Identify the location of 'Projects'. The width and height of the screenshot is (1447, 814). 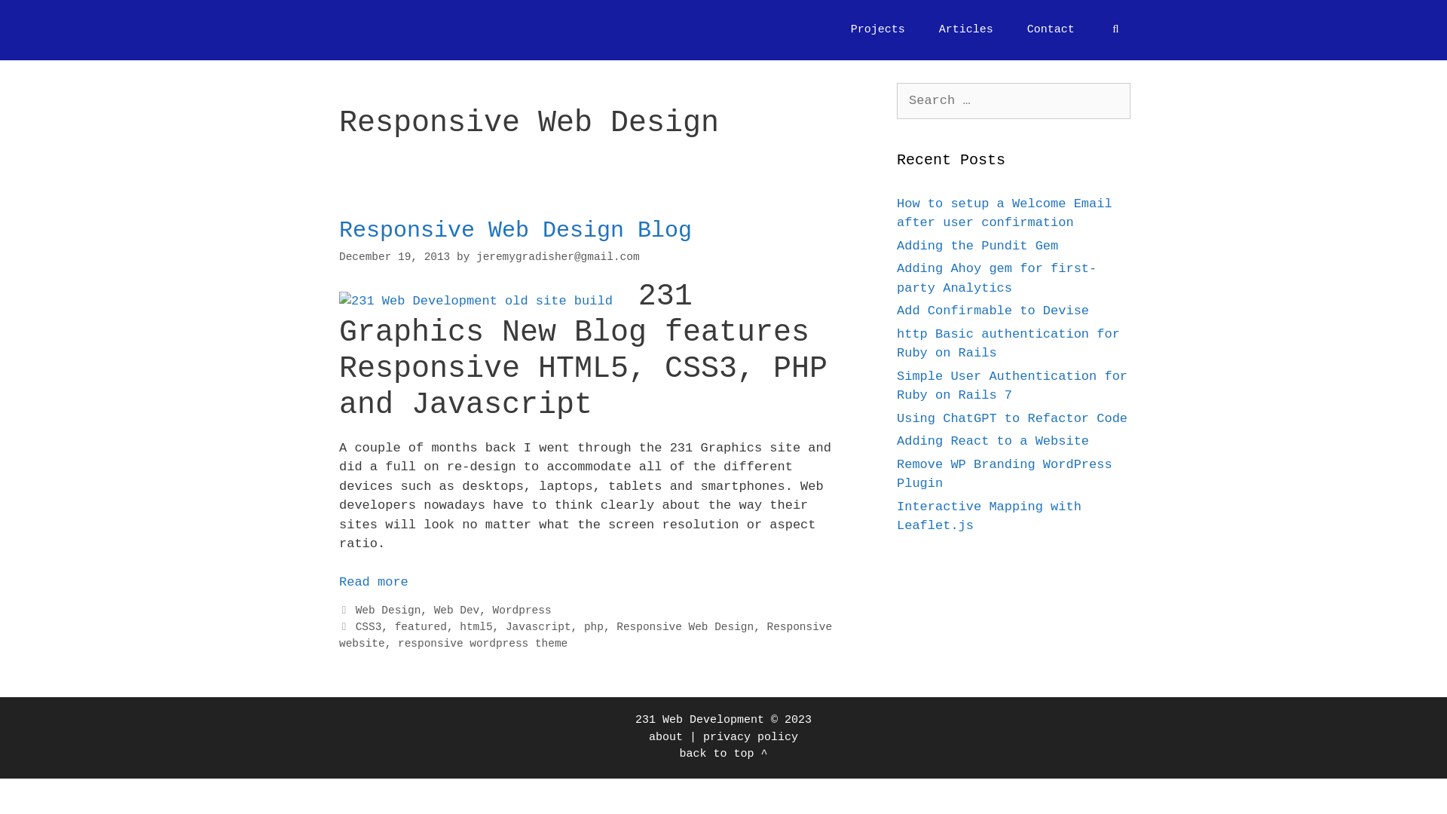
(878, 29).